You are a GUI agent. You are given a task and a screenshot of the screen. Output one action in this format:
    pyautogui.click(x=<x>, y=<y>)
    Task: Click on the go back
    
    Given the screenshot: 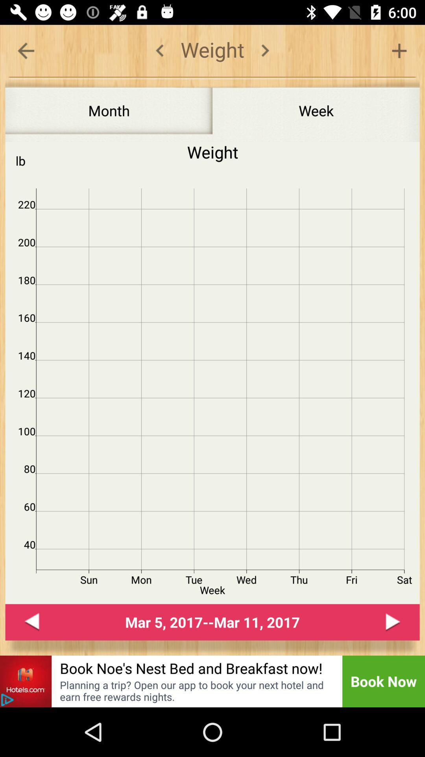 What is the action you would take?
    pyautogui.click(x=25, y=50)
    